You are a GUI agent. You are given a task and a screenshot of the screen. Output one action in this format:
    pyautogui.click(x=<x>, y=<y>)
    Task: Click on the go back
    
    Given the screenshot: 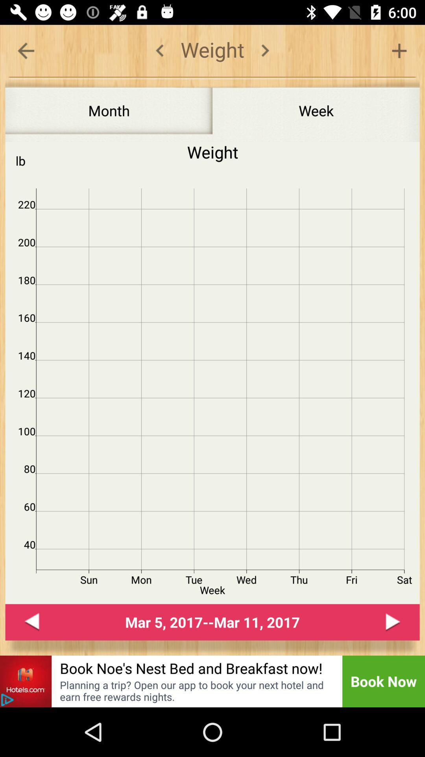 What is the action you would take?
    pyautogui.click(x=25, y=50)
    